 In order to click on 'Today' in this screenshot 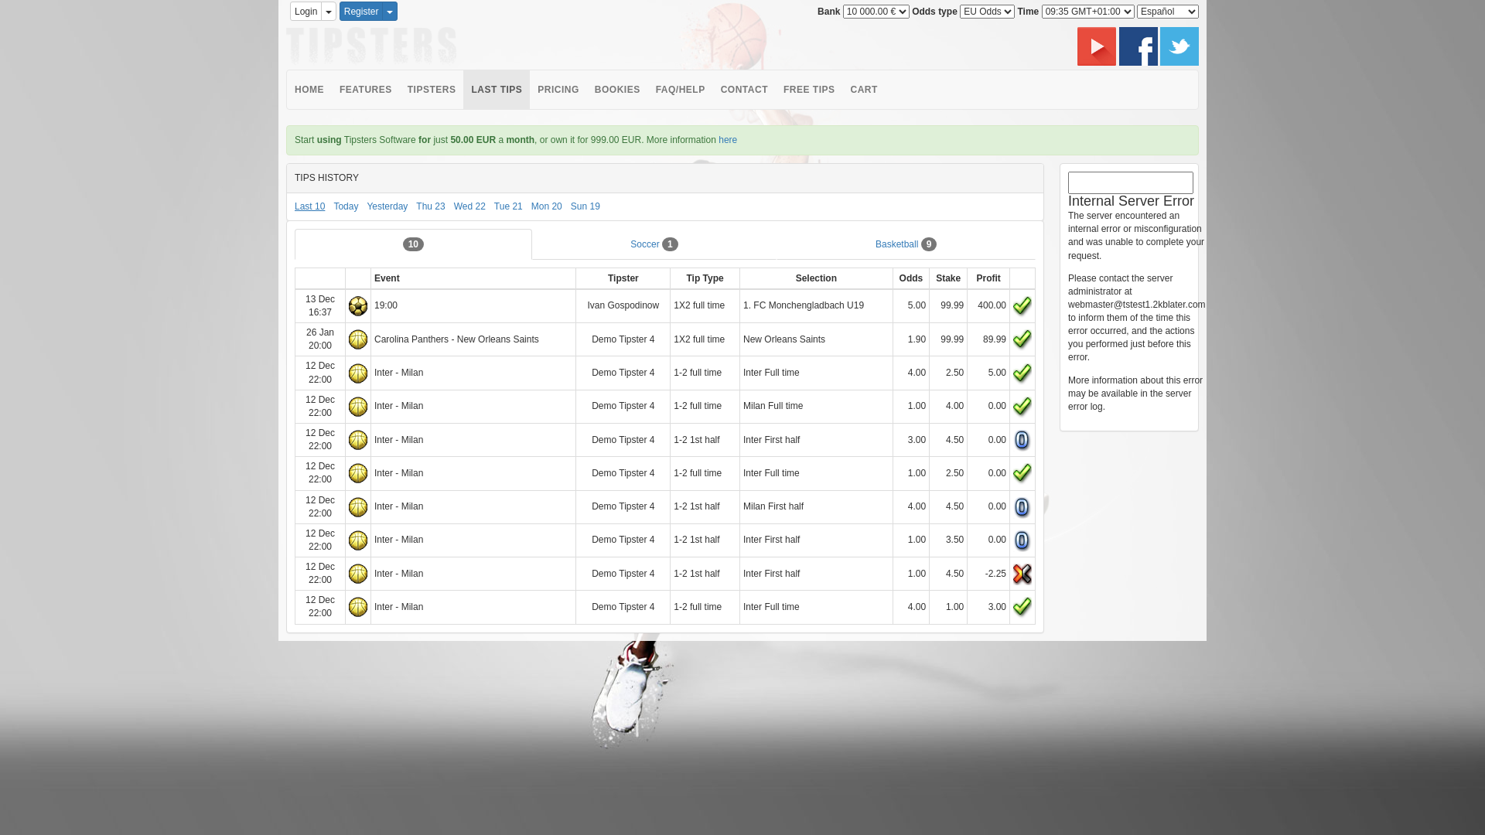, I will do `click(344, 205)`.